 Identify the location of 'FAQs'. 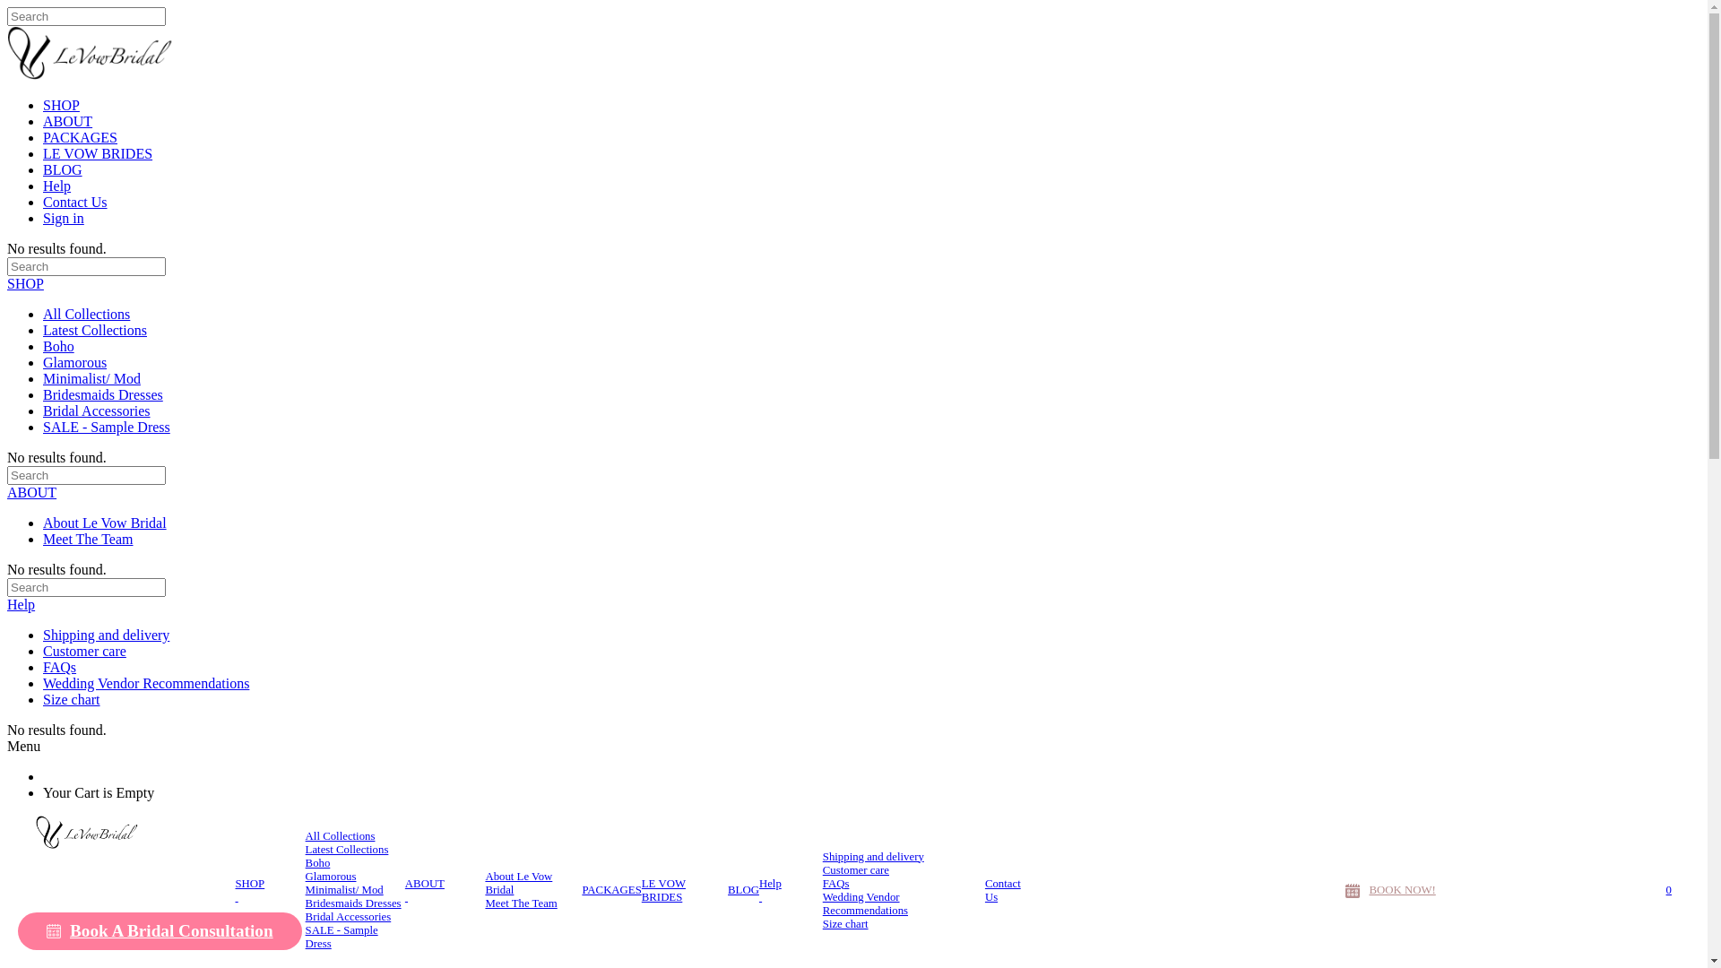
(59, 667).